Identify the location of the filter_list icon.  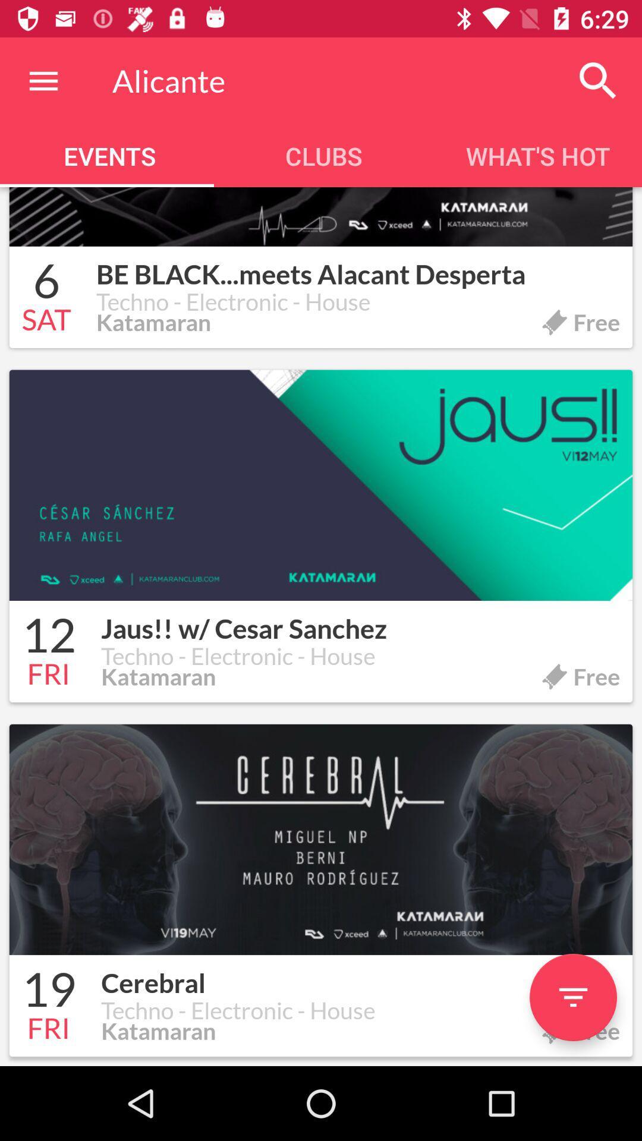
(572, 997).